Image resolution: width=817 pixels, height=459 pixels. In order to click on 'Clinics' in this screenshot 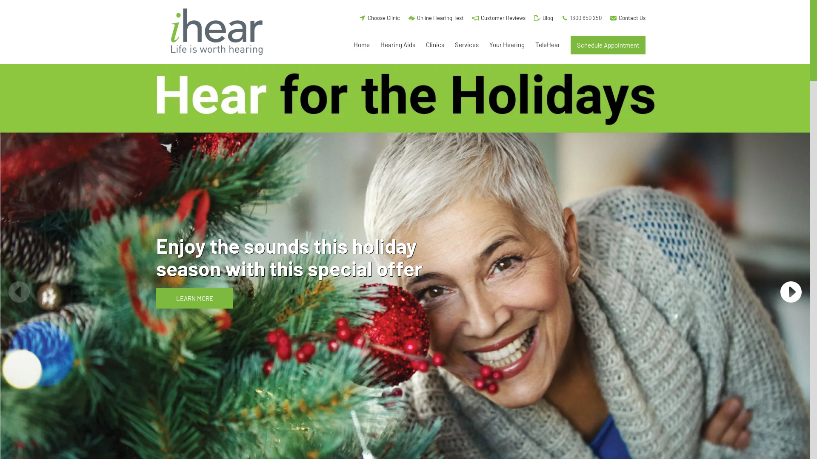, I will do `click(435, 45)`.